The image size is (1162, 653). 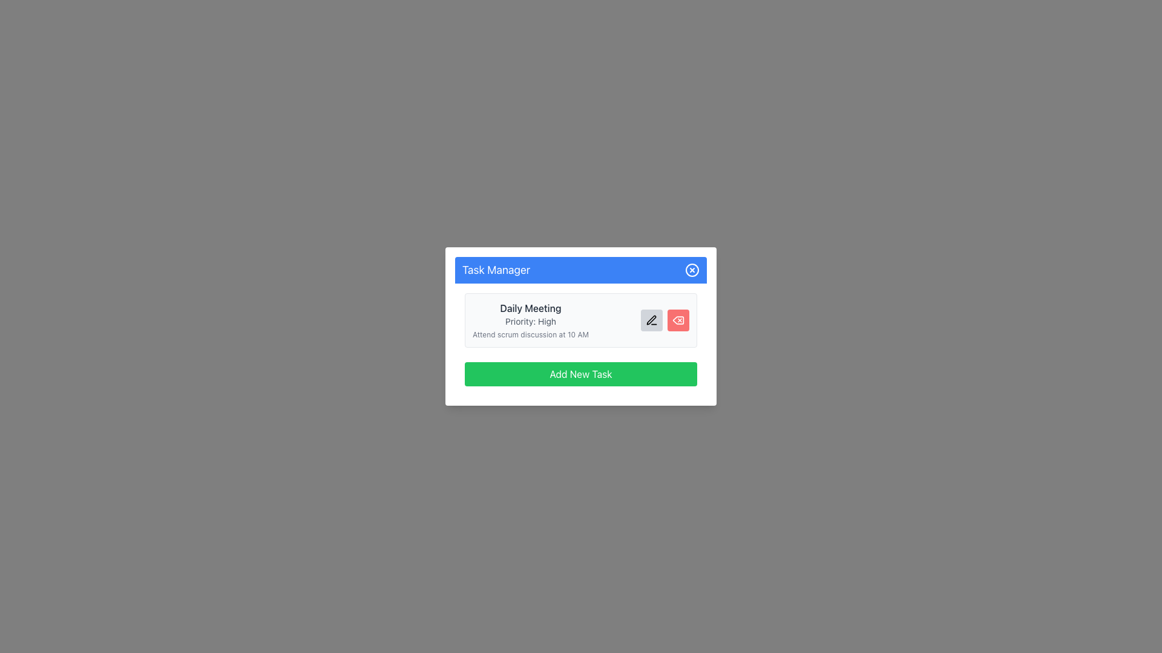 What do you see at coordinates (678, 319) in the screenshot?
I see `the delete icon button located in the task management card for the task named 'Daily Meeting'` at bounding box center [678, 319].